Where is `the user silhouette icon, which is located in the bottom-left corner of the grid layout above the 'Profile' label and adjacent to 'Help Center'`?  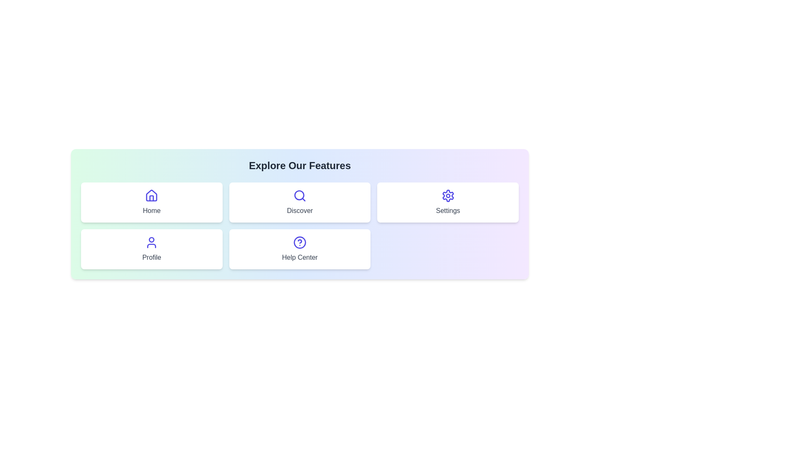 the user silhouette icon, which is located in the bottom-left corner of the grid layout above the 'Profile' label and adjacent to 'Help Center' is located at coordinates (152, 243).